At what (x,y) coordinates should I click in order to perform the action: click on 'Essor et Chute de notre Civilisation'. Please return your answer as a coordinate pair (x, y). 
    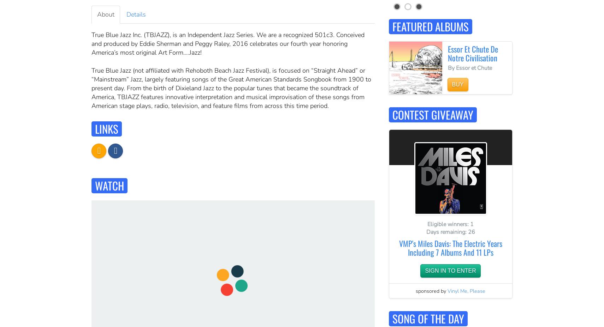
    Looking at the image, I should click on (473, 53).